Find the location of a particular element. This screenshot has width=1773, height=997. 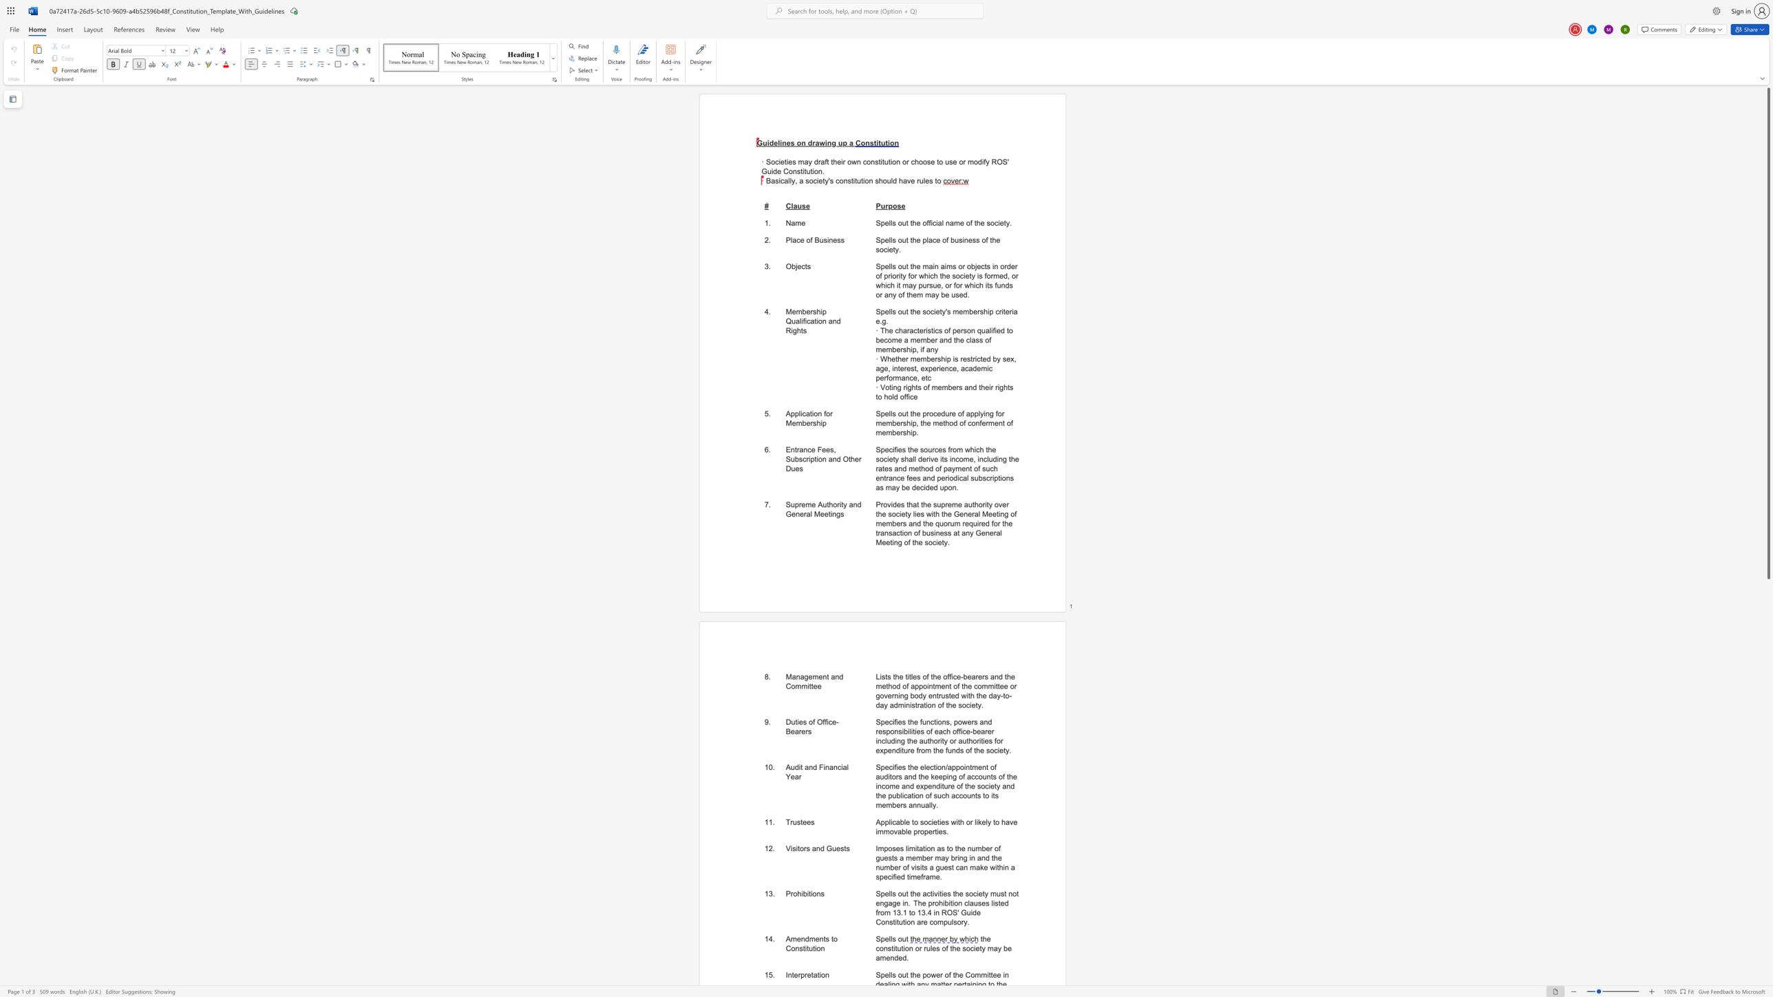

the subset text "ciety" within the text "Spells out the society" is located at coordinates (929, 311).